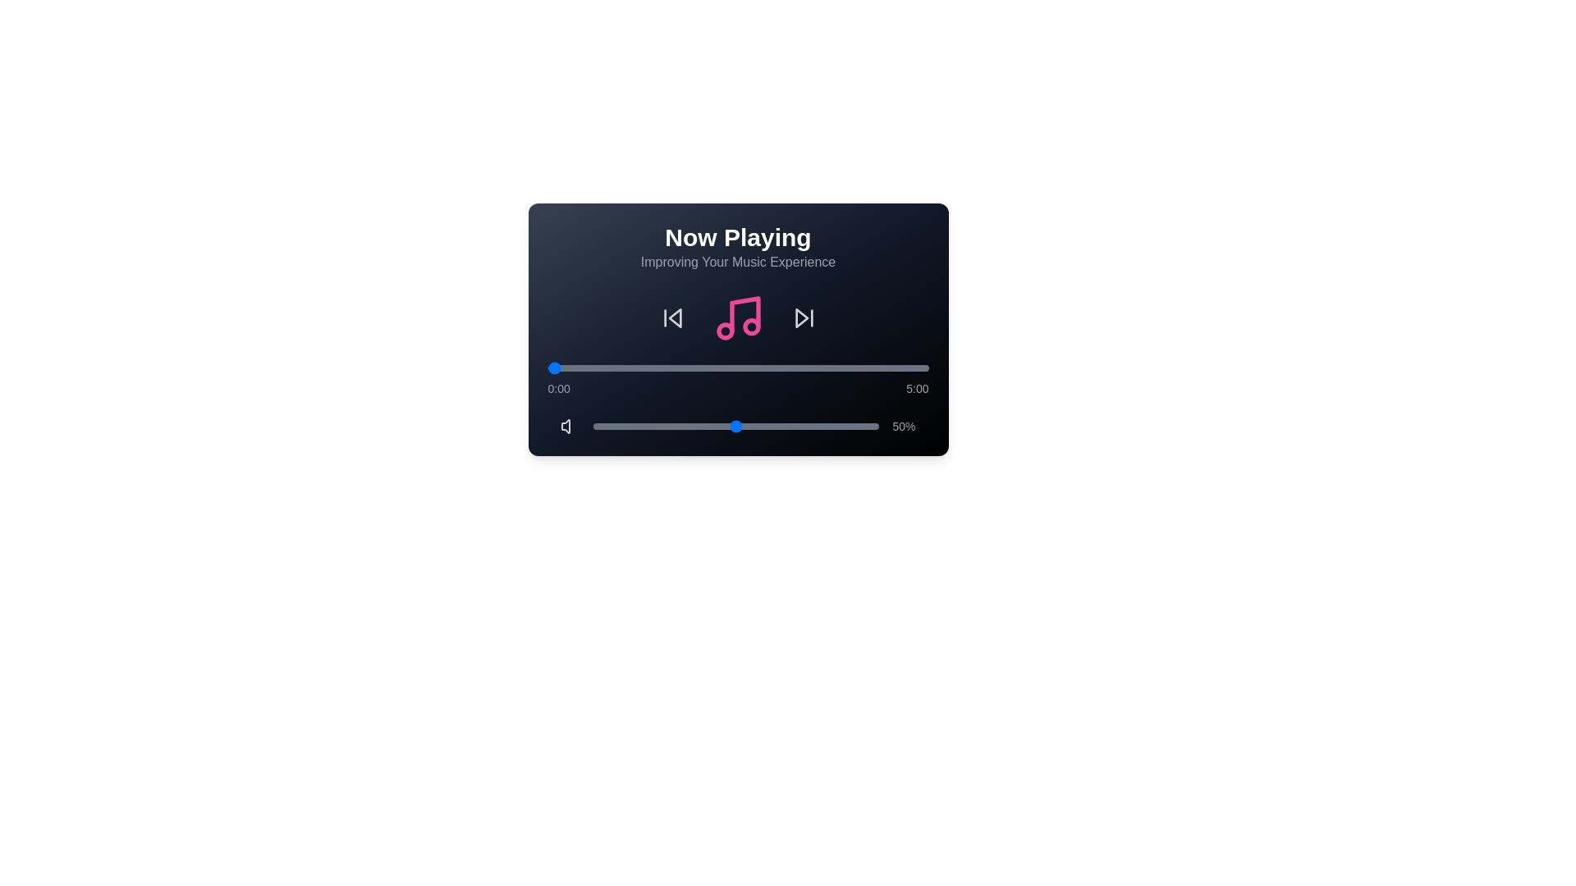 This screenshot has height=886, width=1576. Describe the element at coordinates (607, 426) in the screenshot. I see `the volume slider to 5%` at that location.